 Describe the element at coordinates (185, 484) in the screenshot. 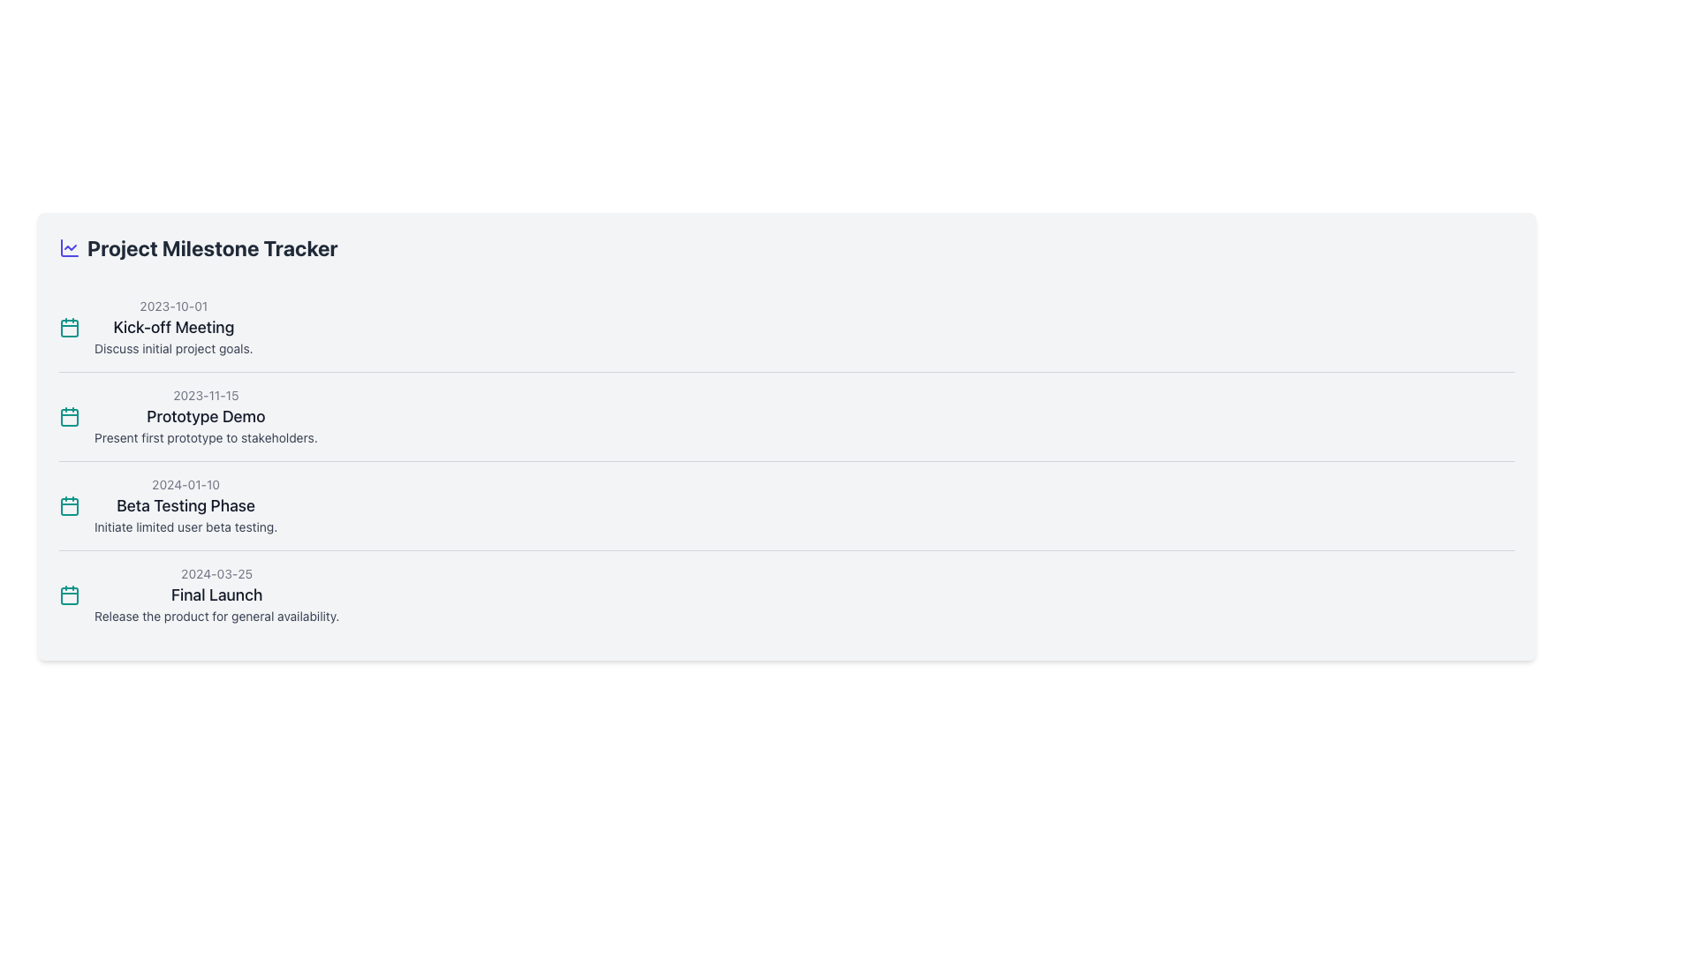

I see `the static text displaying the date '2024-01-10', which is located above the 'Beta Testing Phase' section in the third milestone entry of the timeline` at that location.